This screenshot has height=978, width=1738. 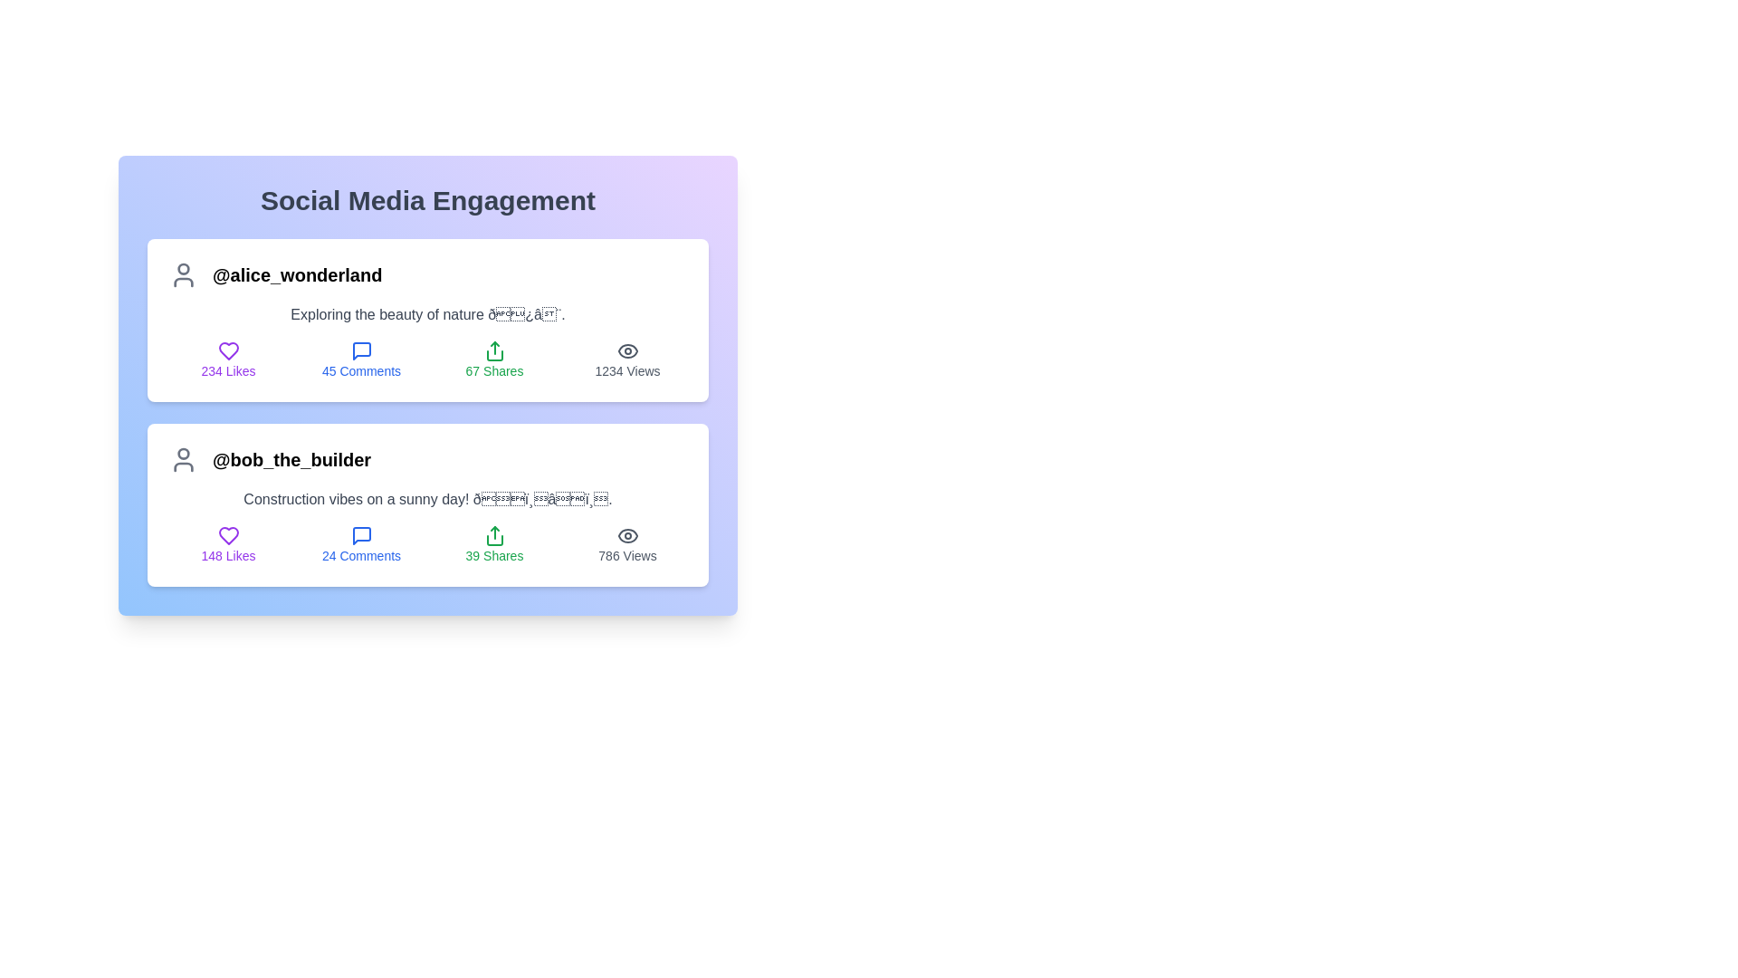 What do you see at coordinates (361, 543) in the screenshot?
I see `the interactive button represented by a speech bubble icon with the text '24 Comments' to observe the styling transitions` at bounding box center [361, 543].